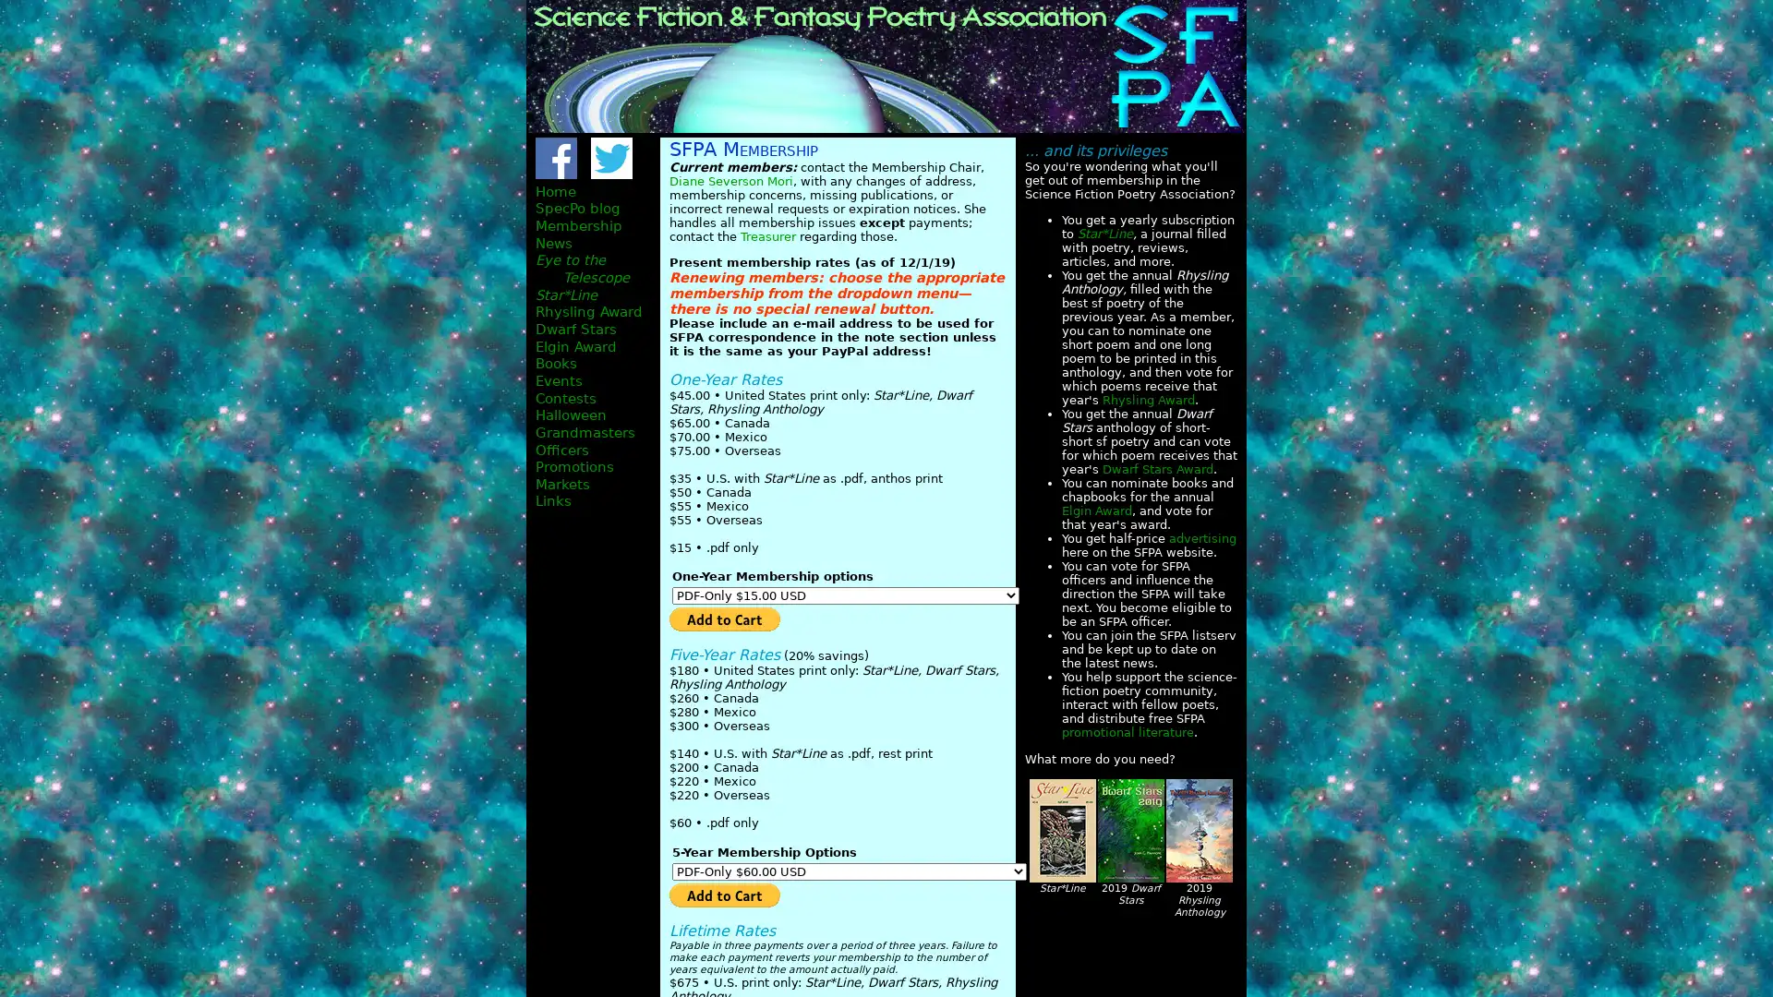  What do you see at coordinates (724, 619) in the screenshot?
I see `PayPal - The safer, easier way to pay online!` at bounding box center [724, 619].